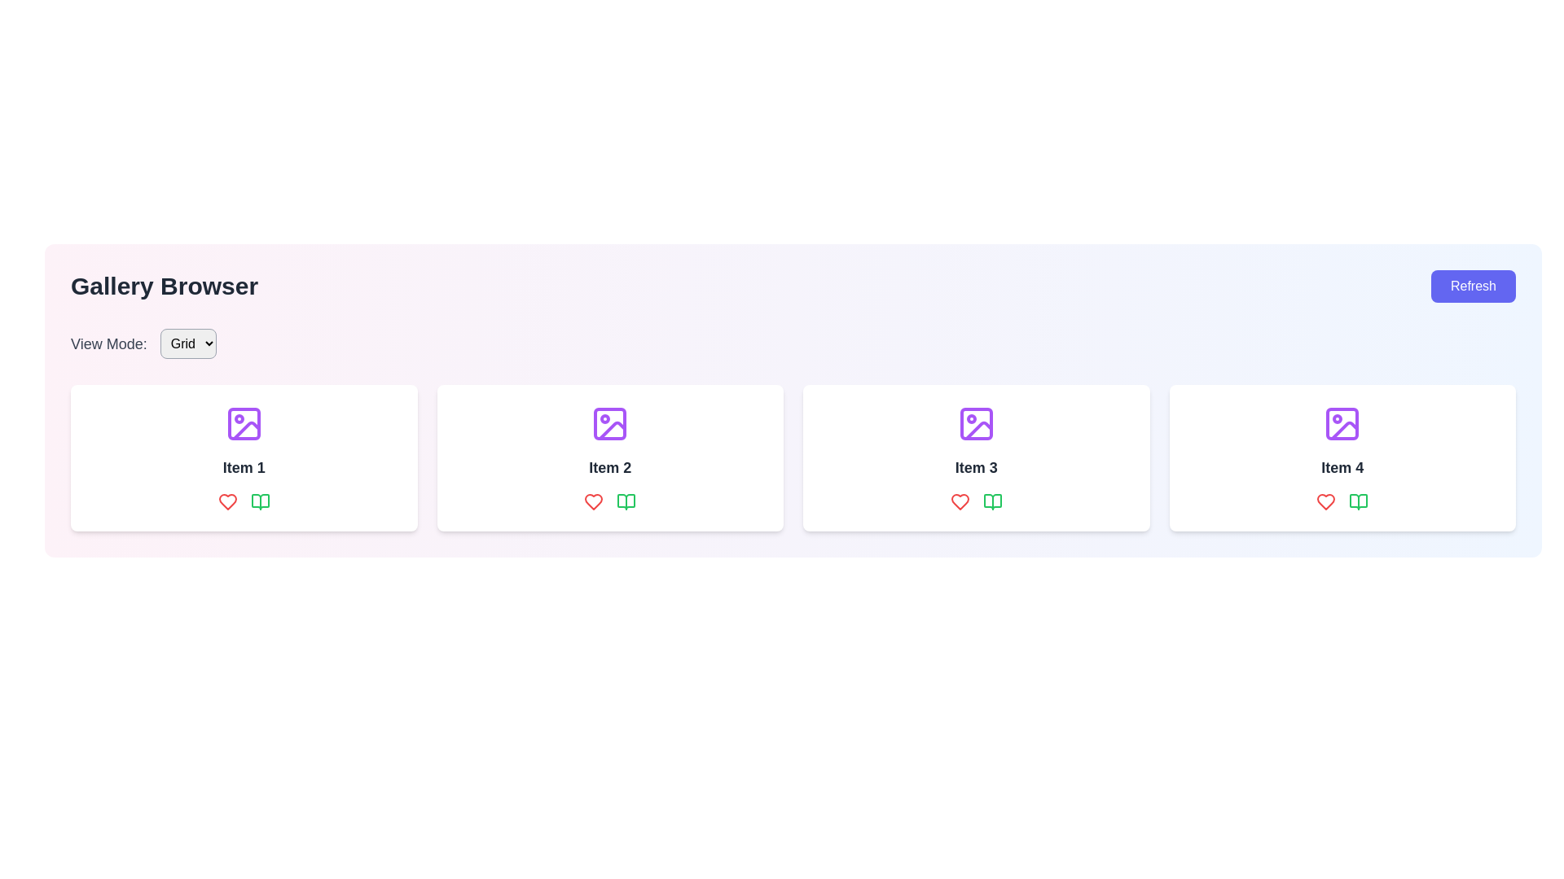 The height and width of the screenshot is (879, 1564). I want to click on the vibrant purple picture frame icon located at the top-left corner of the card labeled 'Item 3', so click(976, 422).